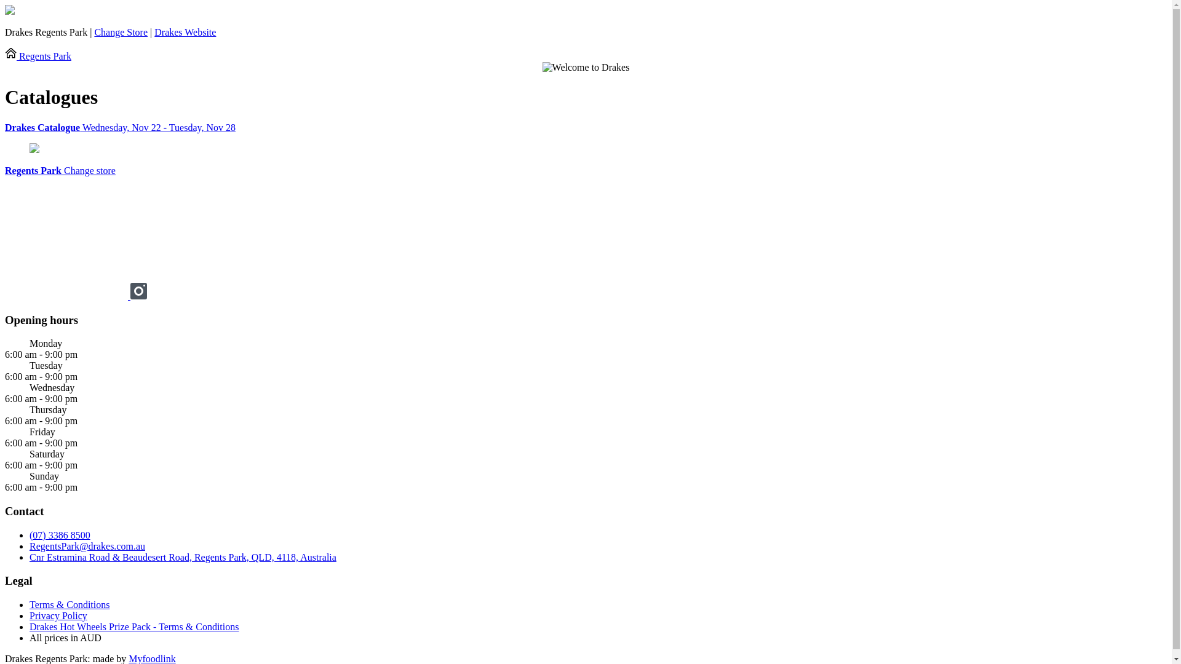 This screenshot has width=1181, height=664. Describe the element at coordinates (87, 545) in the screenshot. I see `'RegentsPark@drakes.com.au'` at that location.